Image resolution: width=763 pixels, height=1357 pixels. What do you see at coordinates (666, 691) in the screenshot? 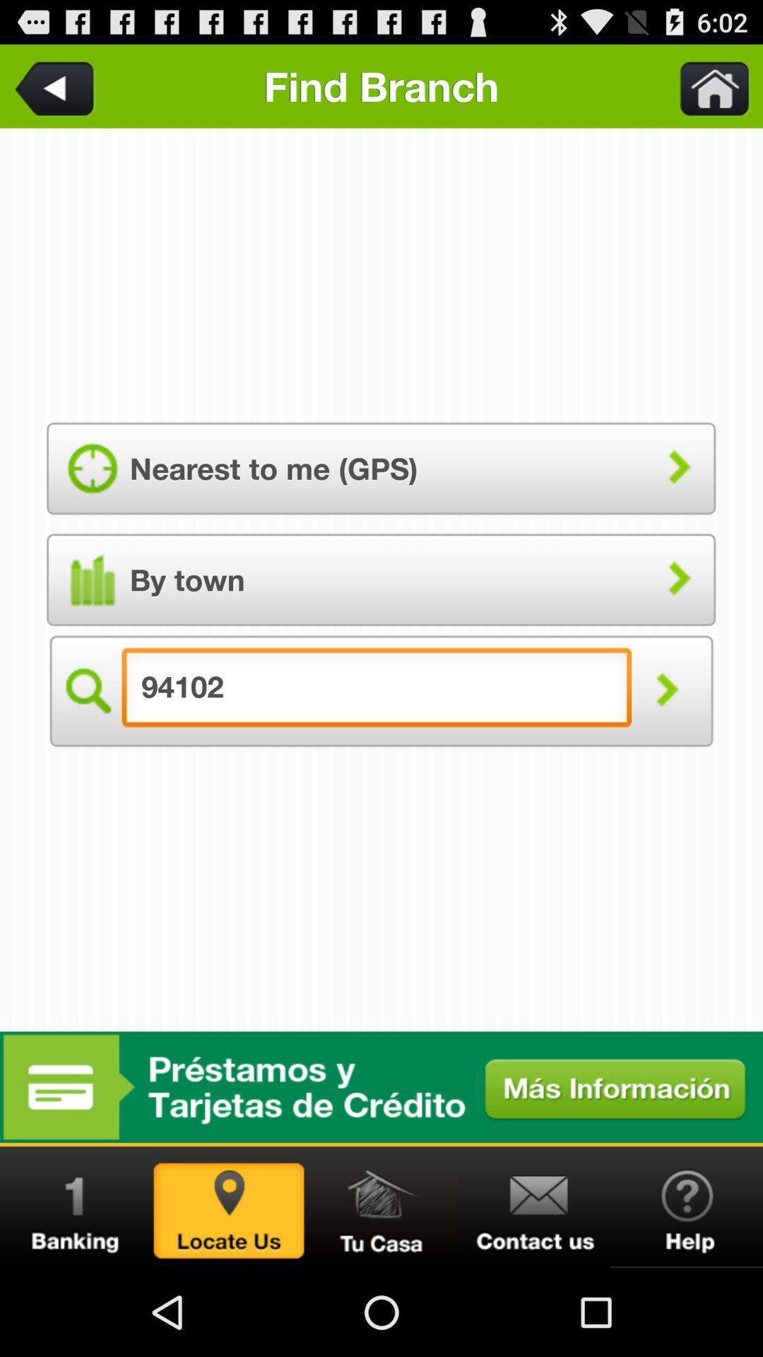
I see `search zip code` at bounding box center [666, 691].